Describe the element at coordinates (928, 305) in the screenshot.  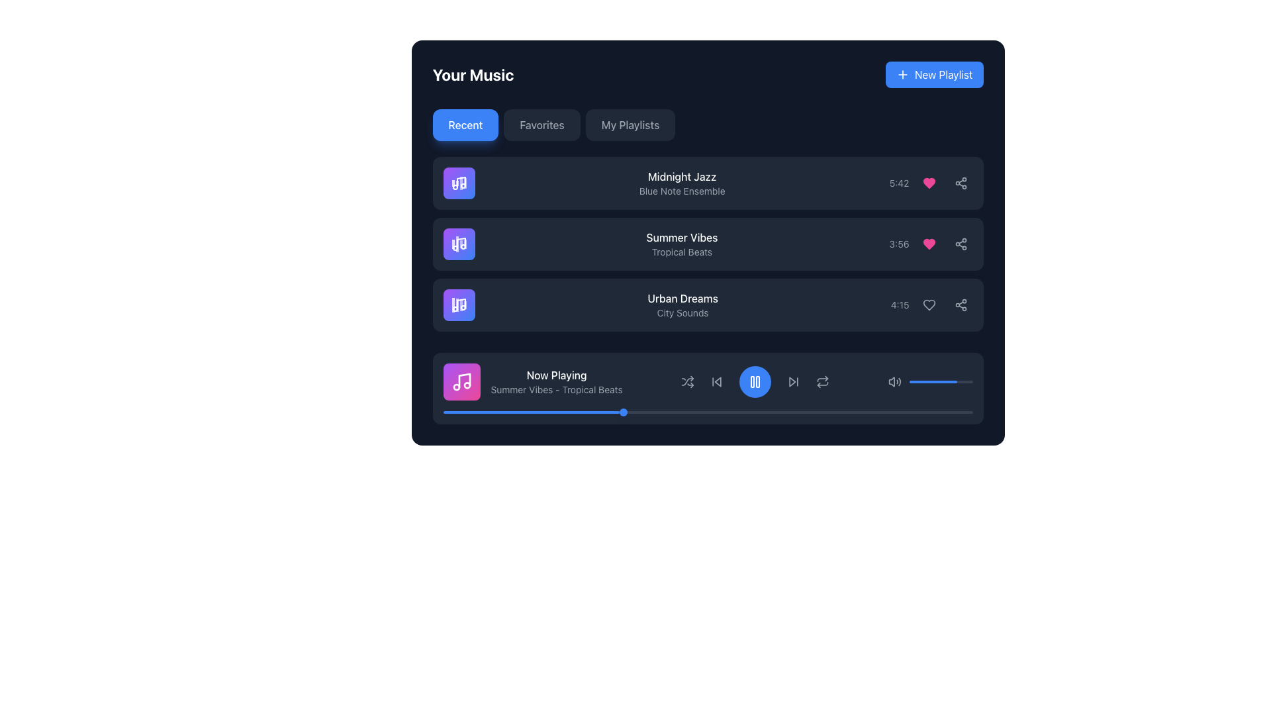
I see `the Interactive icon in the third row of the songs or playlists list to favorite or unfavorite the item, located next to the '4:15' text and a sharing icon` at that location.